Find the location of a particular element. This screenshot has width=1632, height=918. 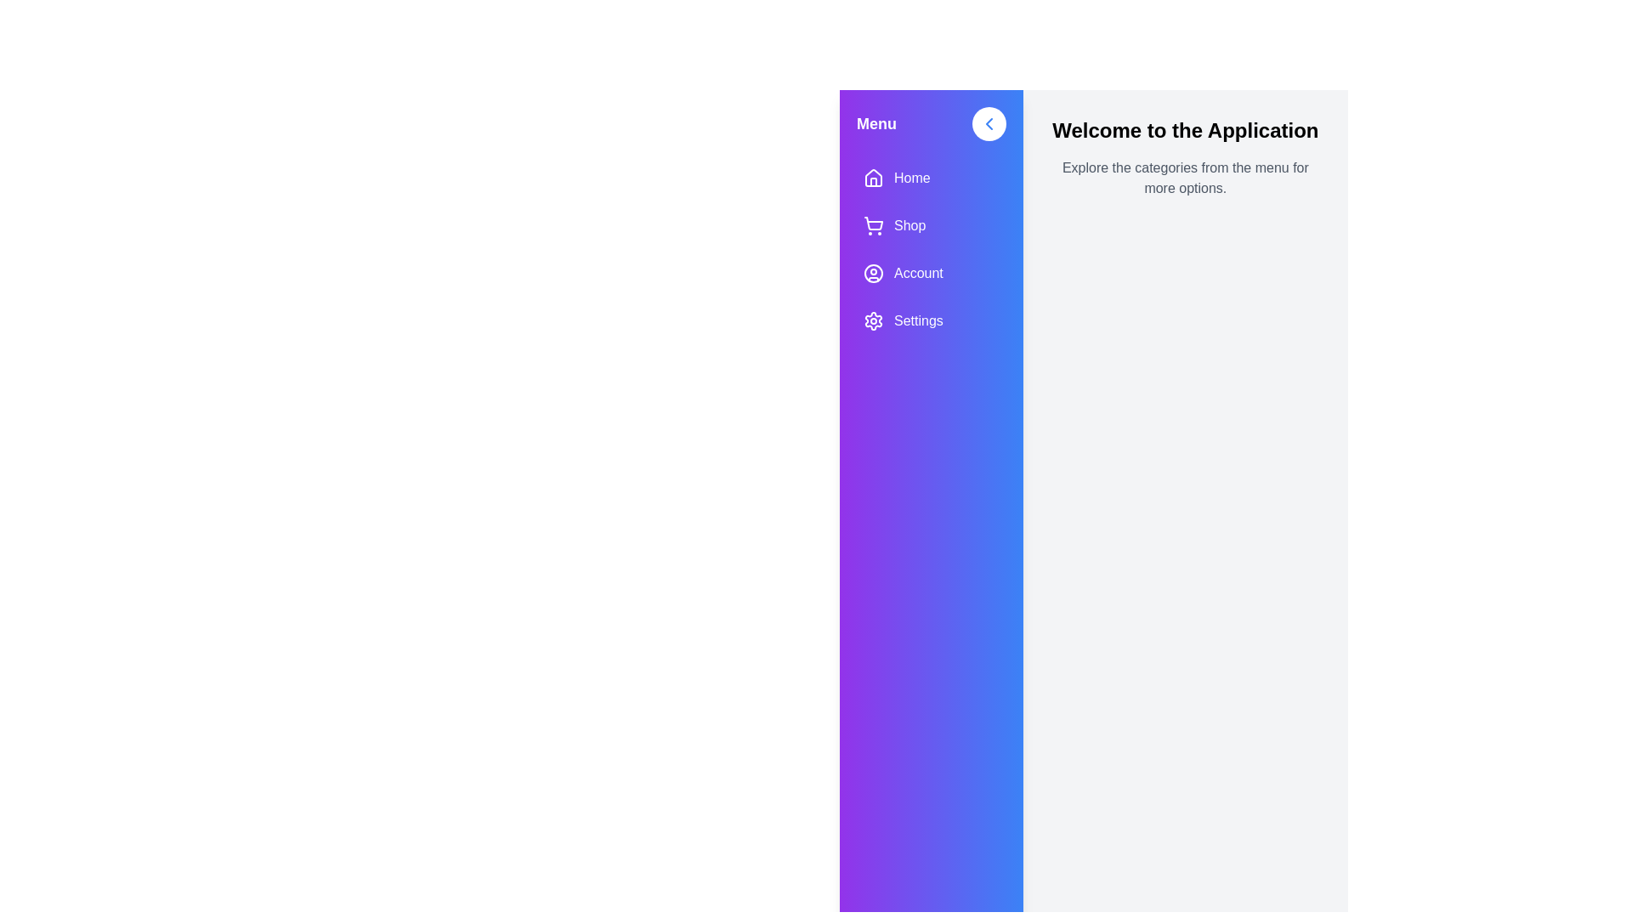

the house icon with a purple background in the sidebar is located at coordinates (873, 178).